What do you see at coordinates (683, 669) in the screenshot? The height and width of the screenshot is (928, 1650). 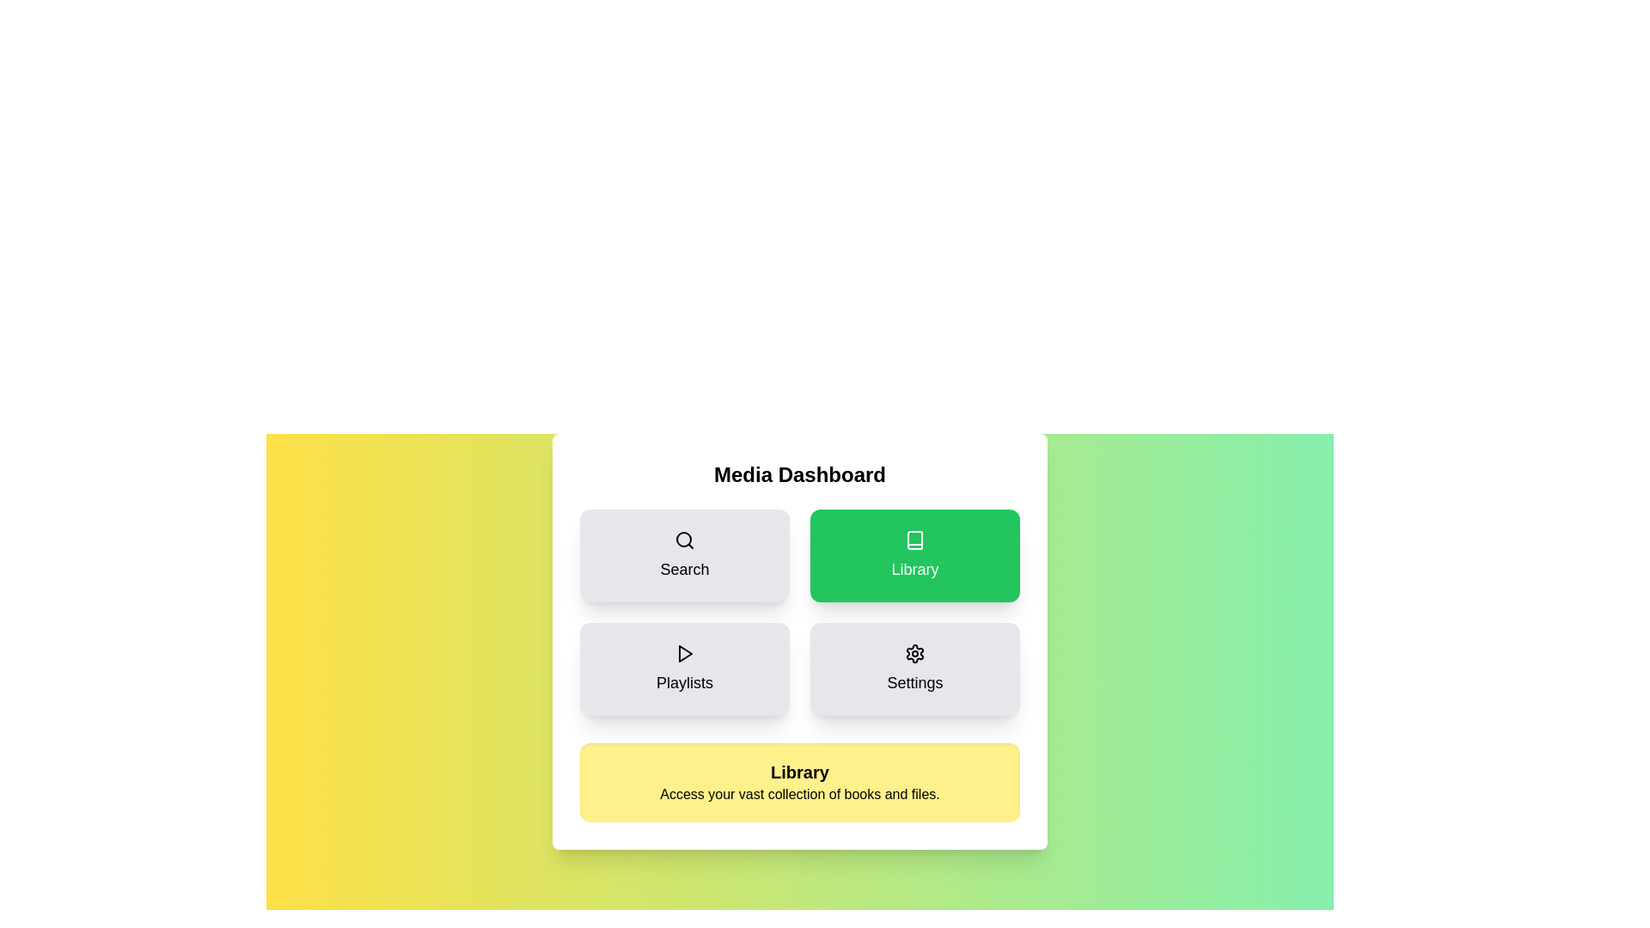 I see `the Playlists button to select it` at bounding box center [683, 669].